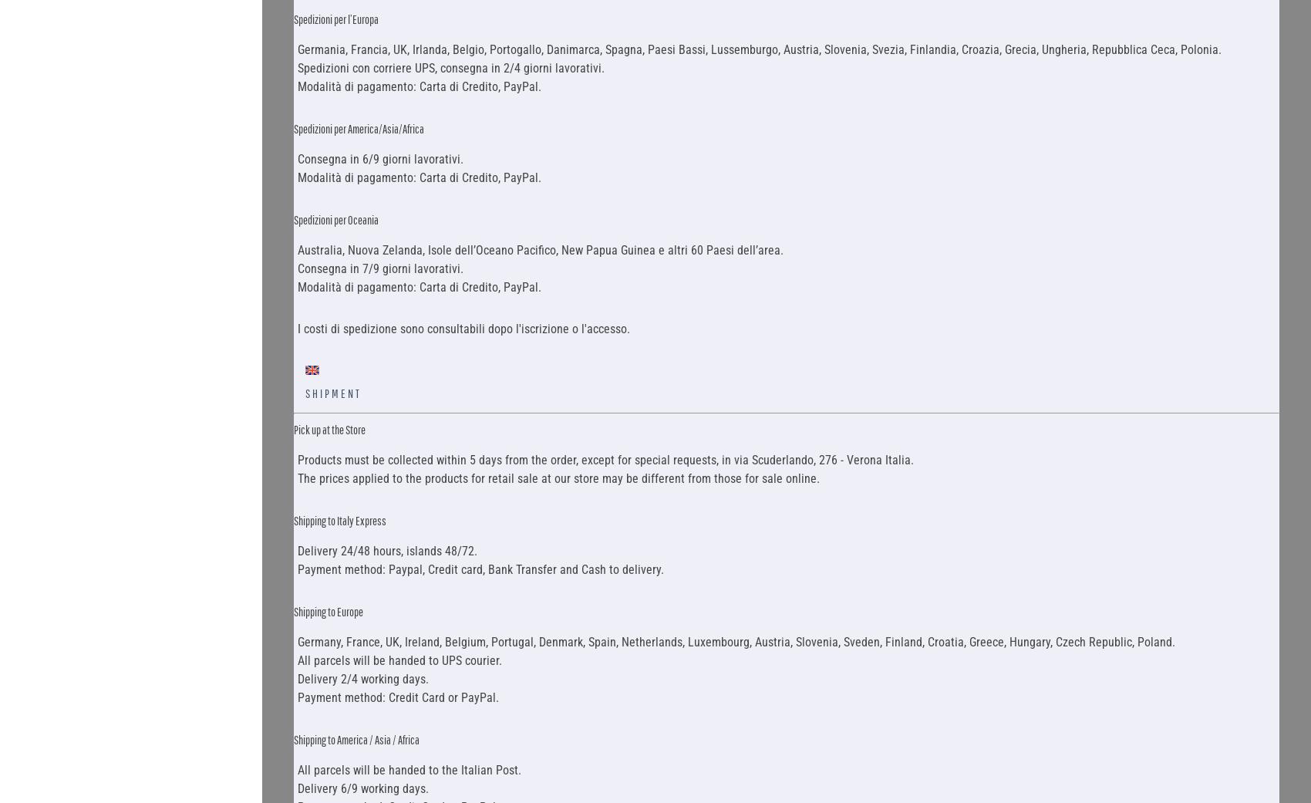  Describe the element at coordinates (332, 392) in the screenshot. I see `'Shipment'` at that location.